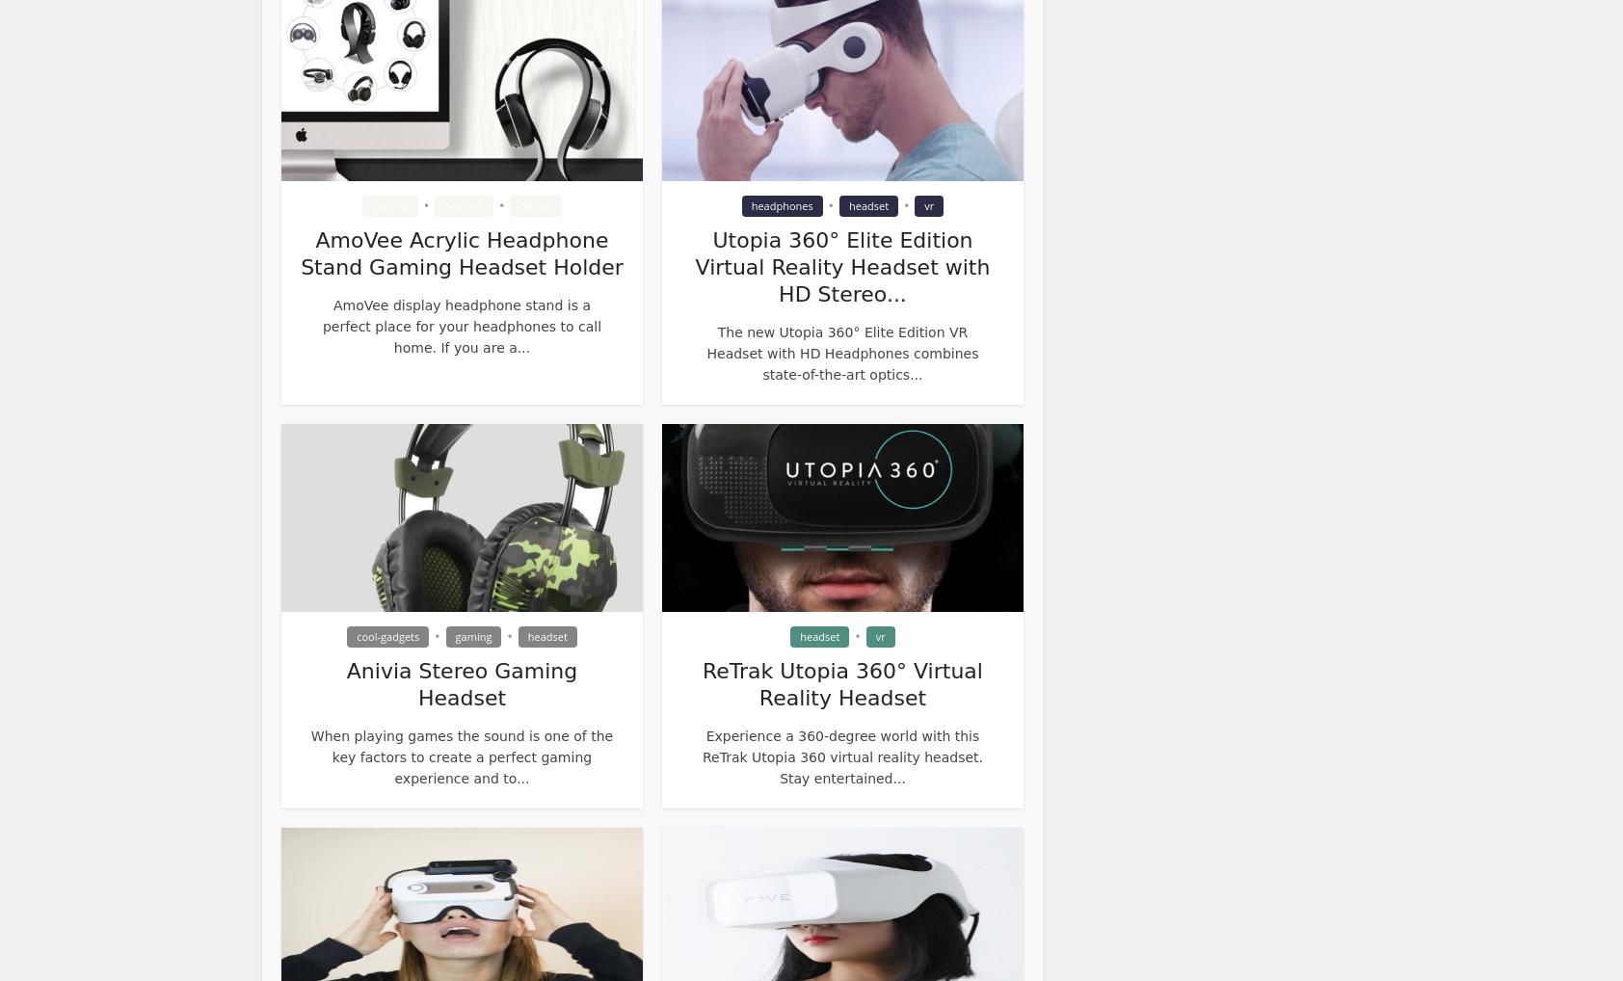 The height and width of the screenshot is (981, 1623). What do you see at coordinates (782, 204) in the screenshot?
I see `'headphones'` at bounding box center [782, 204].